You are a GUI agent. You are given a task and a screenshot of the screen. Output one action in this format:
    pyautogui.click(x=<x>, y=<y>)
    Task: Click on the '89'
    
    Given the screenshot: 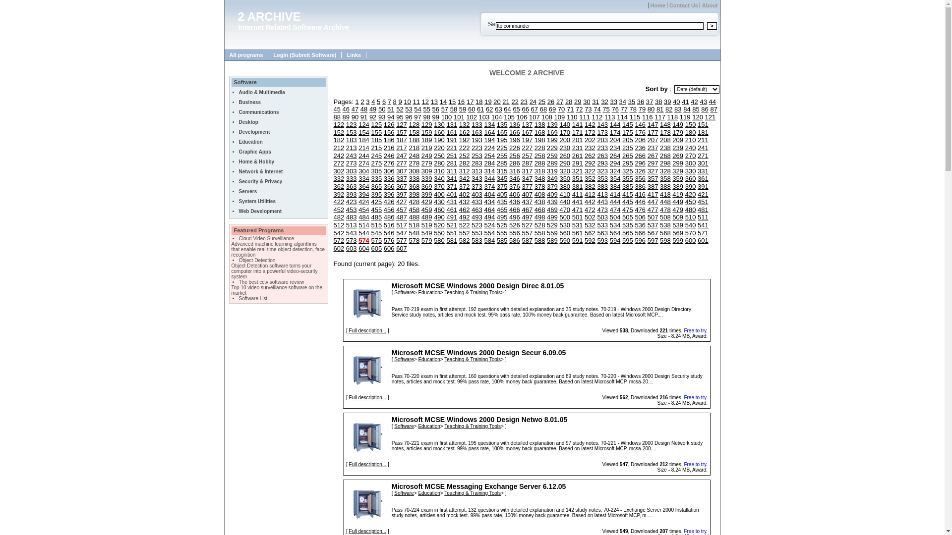 What is the action you would take?
    pyautogui.click(x=346, y=116)
    